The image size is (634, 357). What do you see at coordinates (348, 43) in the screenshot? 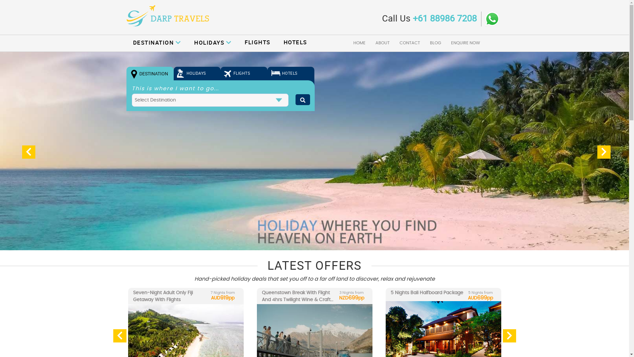
I see `'HOME'` at bounding box center [348, 43].